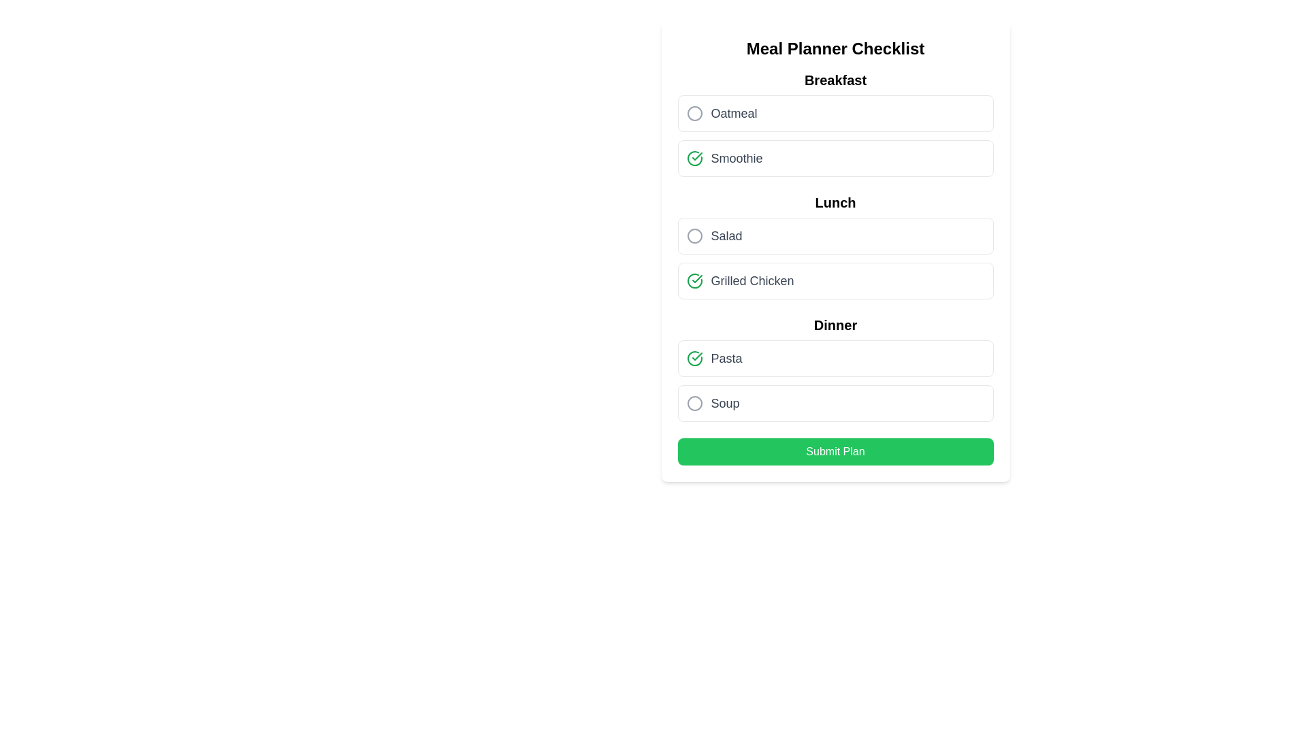 The width and height of the screenshot is (1307, 735). Describe the element at coordinates (724, 403) in the screenshot. I see `the 'Soup' label in the Dinner section of the meal planner checklist, which is located to the right of the circular radio button and is the second option below 'Pasta'` at that location.